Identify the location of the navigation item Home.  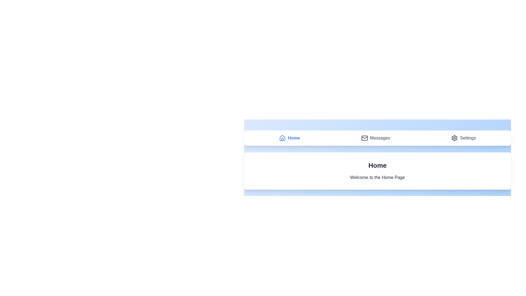
(289, 138).